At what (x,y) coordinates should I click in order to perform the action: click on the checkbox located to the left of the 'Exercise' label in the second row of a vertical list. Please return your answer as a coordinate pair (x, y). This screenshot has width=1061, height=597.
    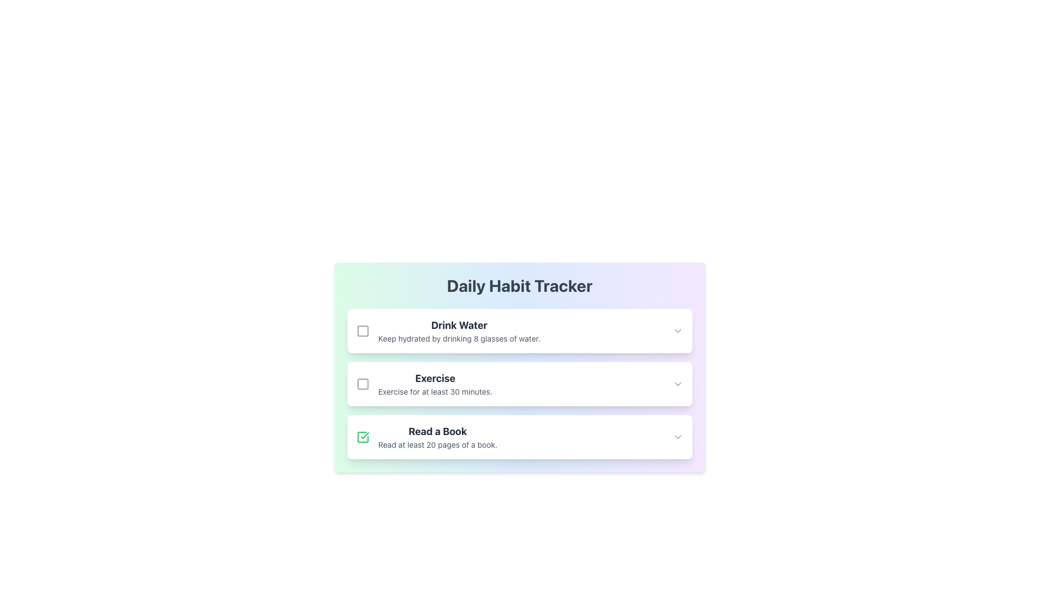
    Looking at the image, I should click on (363, 383).